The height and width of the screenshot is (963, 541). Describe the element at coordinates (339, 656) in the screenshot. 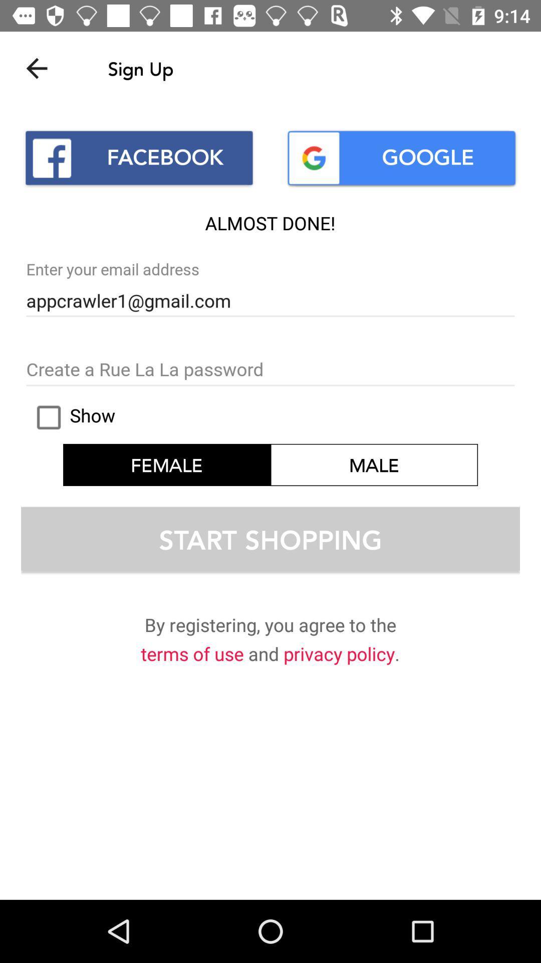

I see `privacy policy` at that location.